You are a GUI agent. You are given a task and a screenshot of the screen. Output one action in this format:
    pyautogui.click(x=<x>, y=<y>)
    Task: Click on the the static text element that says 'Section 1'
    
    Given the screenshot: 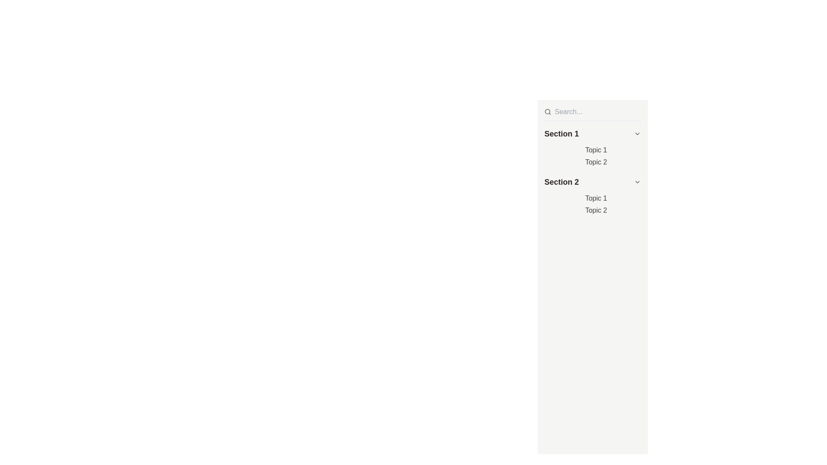 What is the action you would take?
    pyautogui.click(x=562, y=134)
    